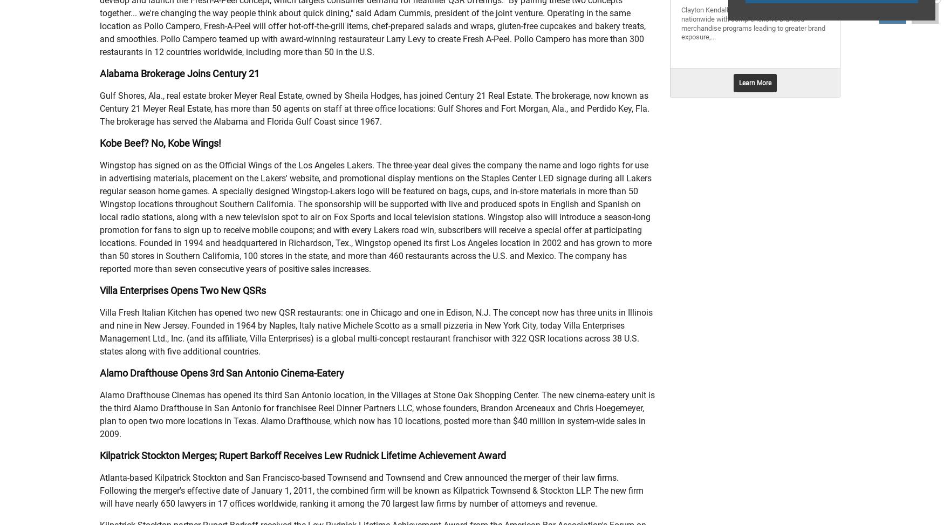 This screenshot has height=525, width=944. Describe the element at coordinates (376, 332) in the screenshot. I see `'Villa Fresh Italian Kitchen has opened two new QSR restaurants: one in Chicago and one in Edison, N.J. The concept now has three units in Illinois and nine in New Jersey. Founded in 1964 by Naples, Italy native Michele Scotto as a small pizzeria in New York City, today Villa Enterprises Management Ltd., Inc. (and its affiliate, Villa Enterprises) is a global multi-concept restaurant franchisor with 322 QSR locations across 38 U.S. states along with five additional countries.'` at that location.